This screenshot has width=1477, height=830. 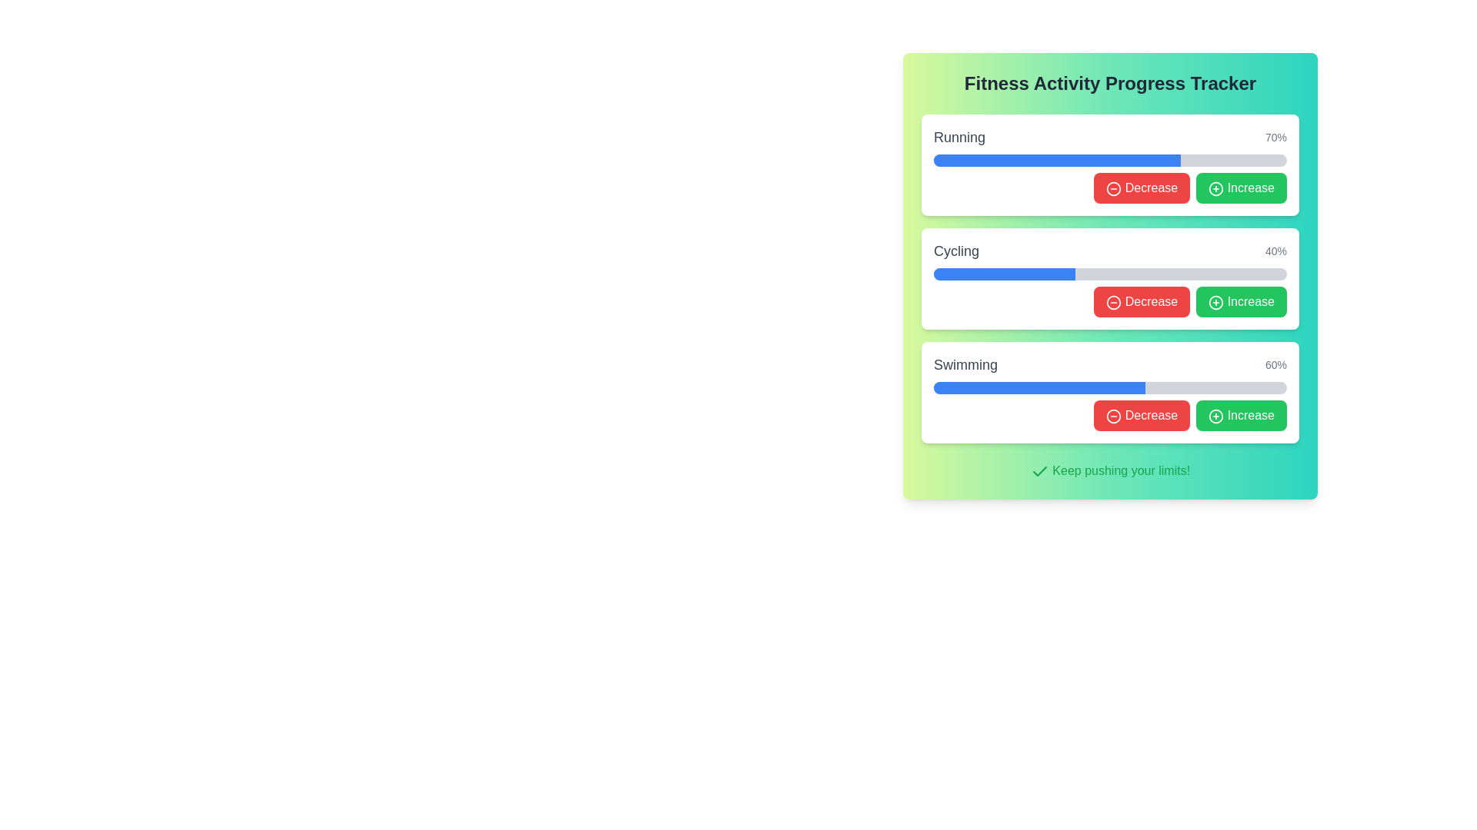 I want to click on the horizontal progress bar indicating a progress level of 70% located within the 'Running' activity card, so click(x=1110, y=160).